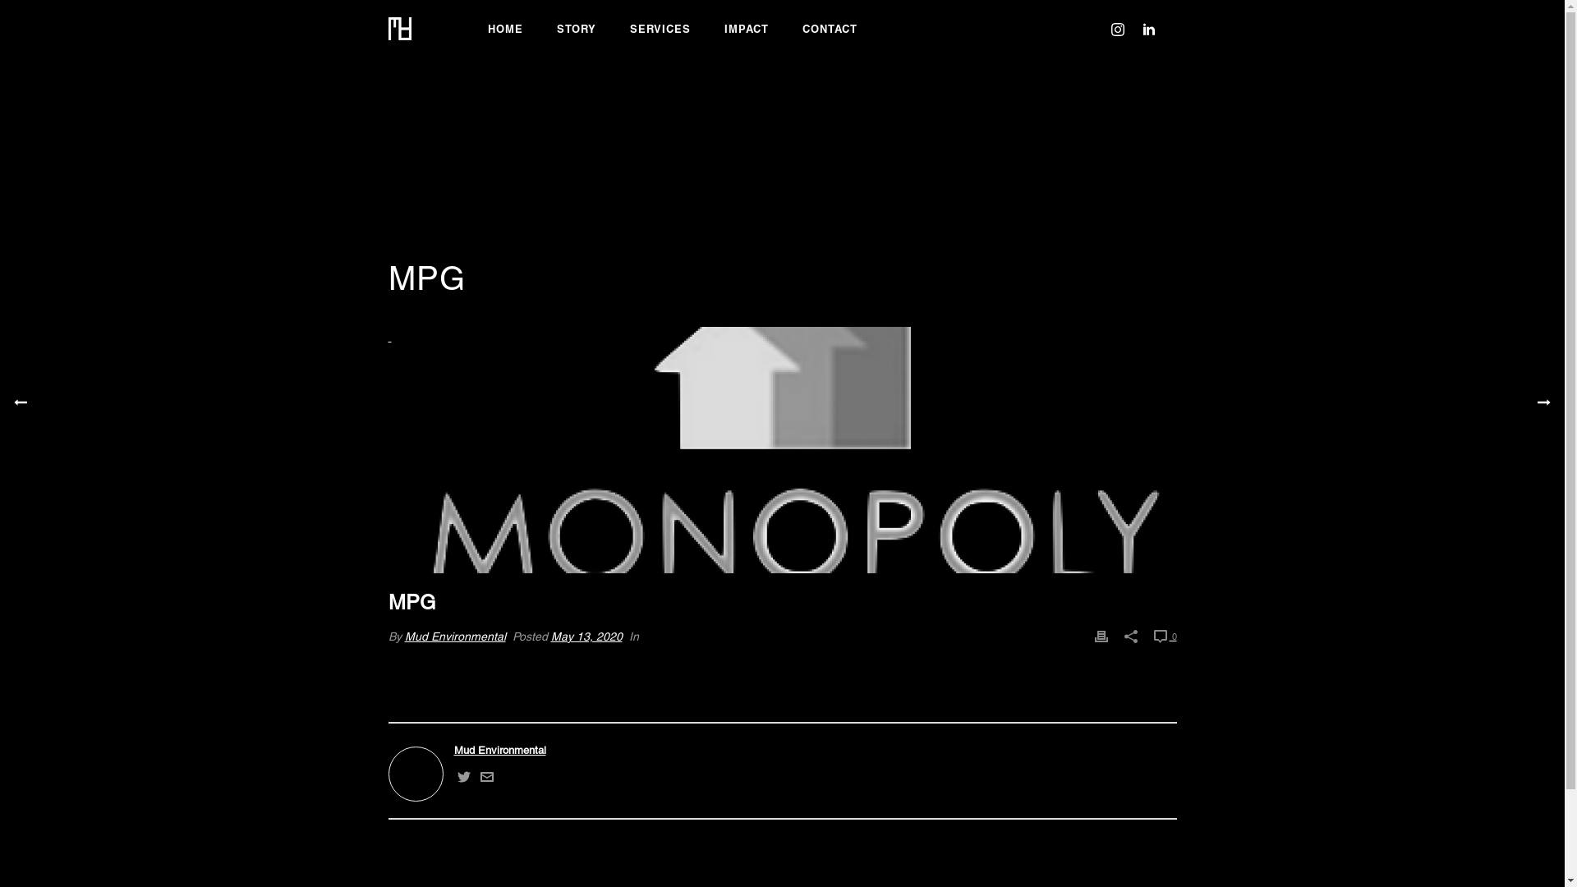  Describe the element at coordinates (1100, 636) in the screenshot. I see `'Print'` at that location.